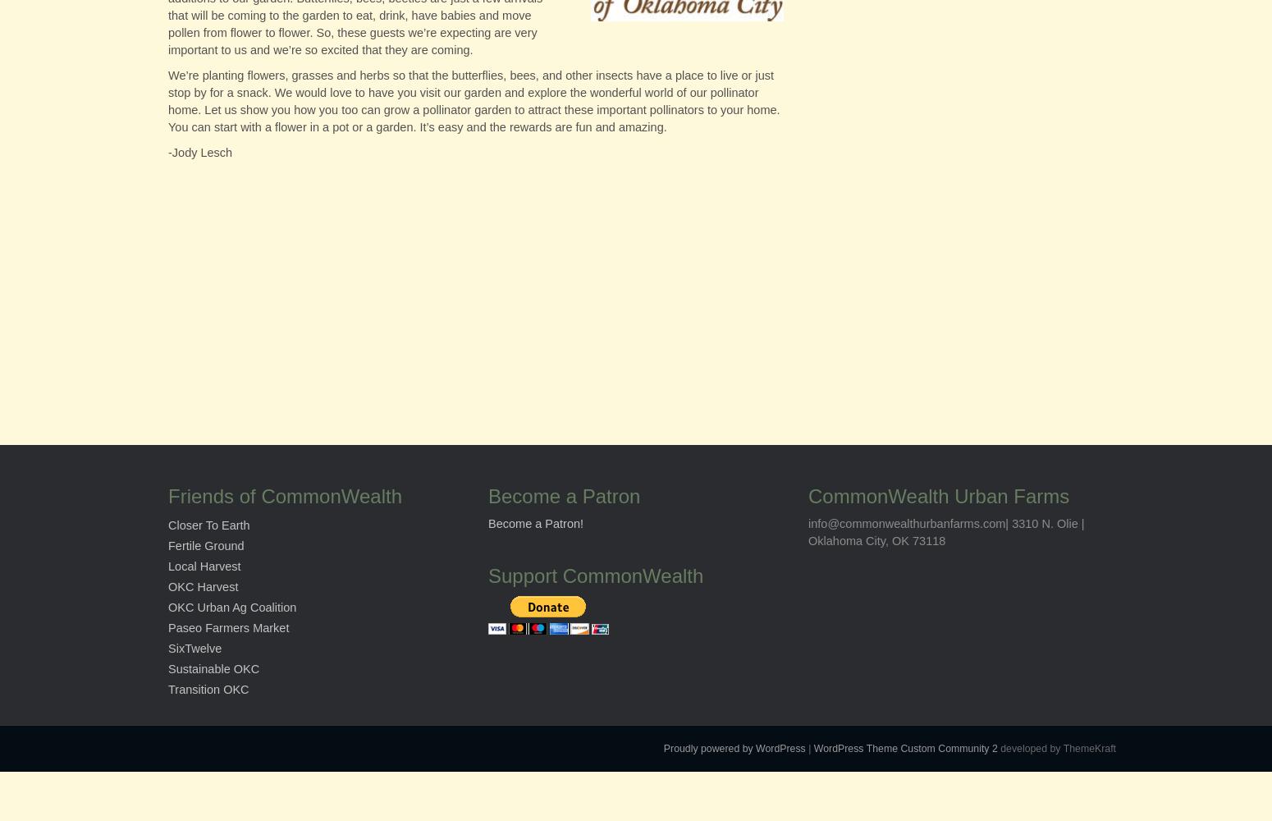  What do you see at coordinates (199, 153) in the screenshot?
I see `'-Jody Lesch'` at bounding box center [199, 153].